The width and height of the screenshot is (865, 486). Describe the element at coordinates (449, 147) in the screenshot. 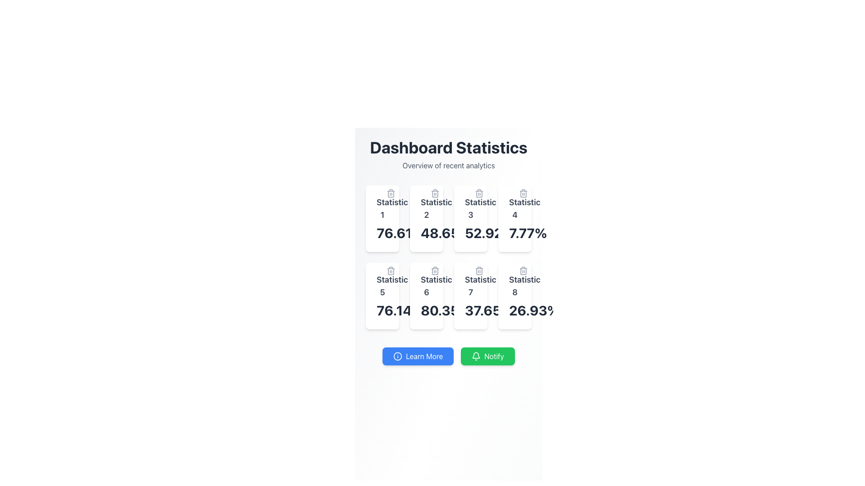

I see `text label that serves as a title for the section indicating the purpose or content of the statistical data, located above 'Overview of recent analytics'` at that location.